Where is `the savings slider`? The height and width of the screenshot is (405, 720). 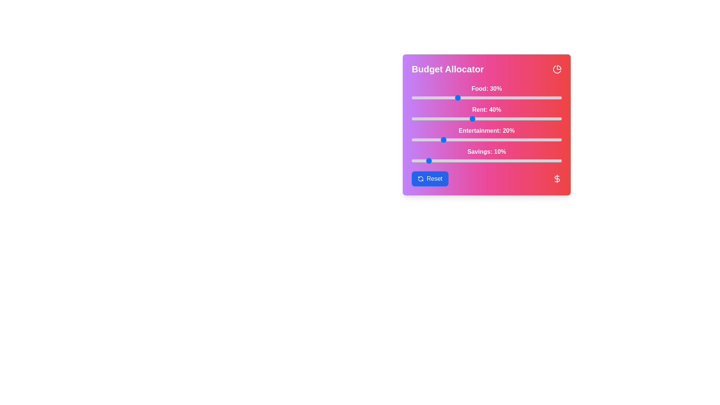
the savings slider is located at coordinates (560, 160).